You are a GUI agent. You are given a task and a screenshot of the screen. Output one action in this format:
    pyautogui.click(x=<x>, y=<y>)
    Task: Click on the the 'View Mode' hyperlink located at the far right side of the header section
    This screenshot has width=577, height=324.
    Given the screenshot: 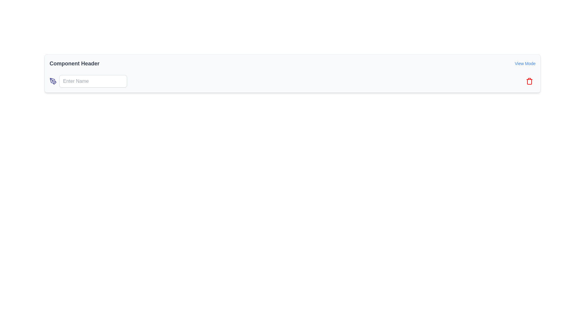 What is the action you would take?
    pyautogui.click(x=525, y=64)
    